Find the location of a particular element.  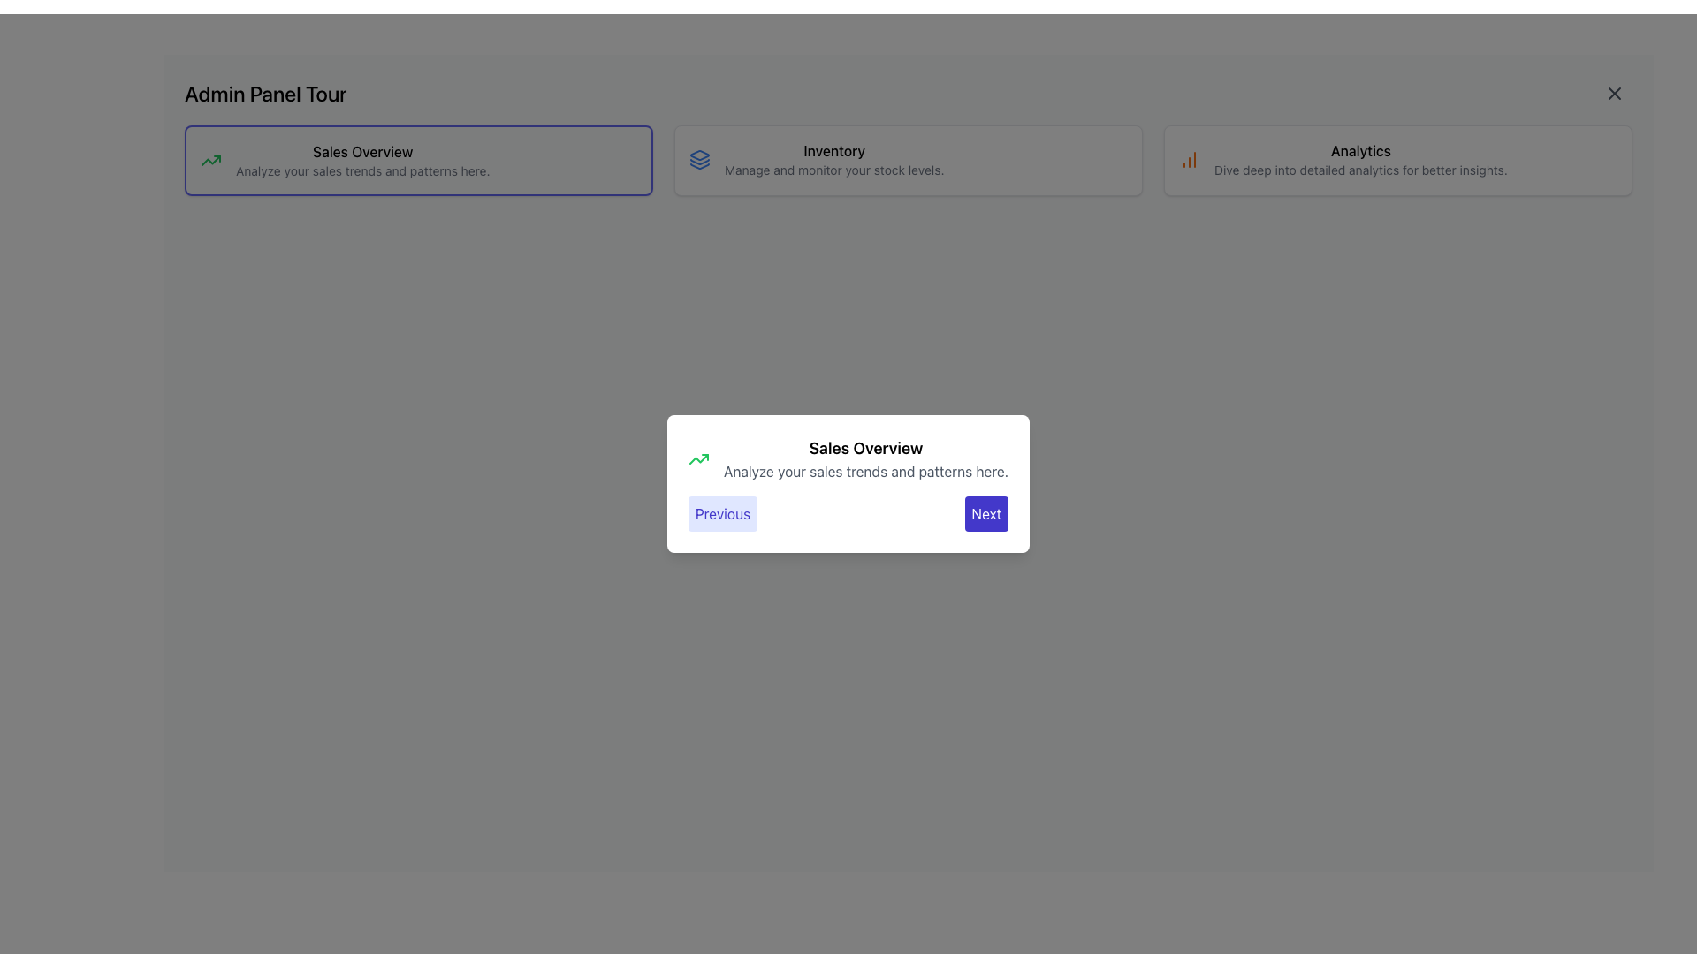

the small green upward trending line icon located to the left of the 'Sales Overview' text is located at coordinates (697, 458).